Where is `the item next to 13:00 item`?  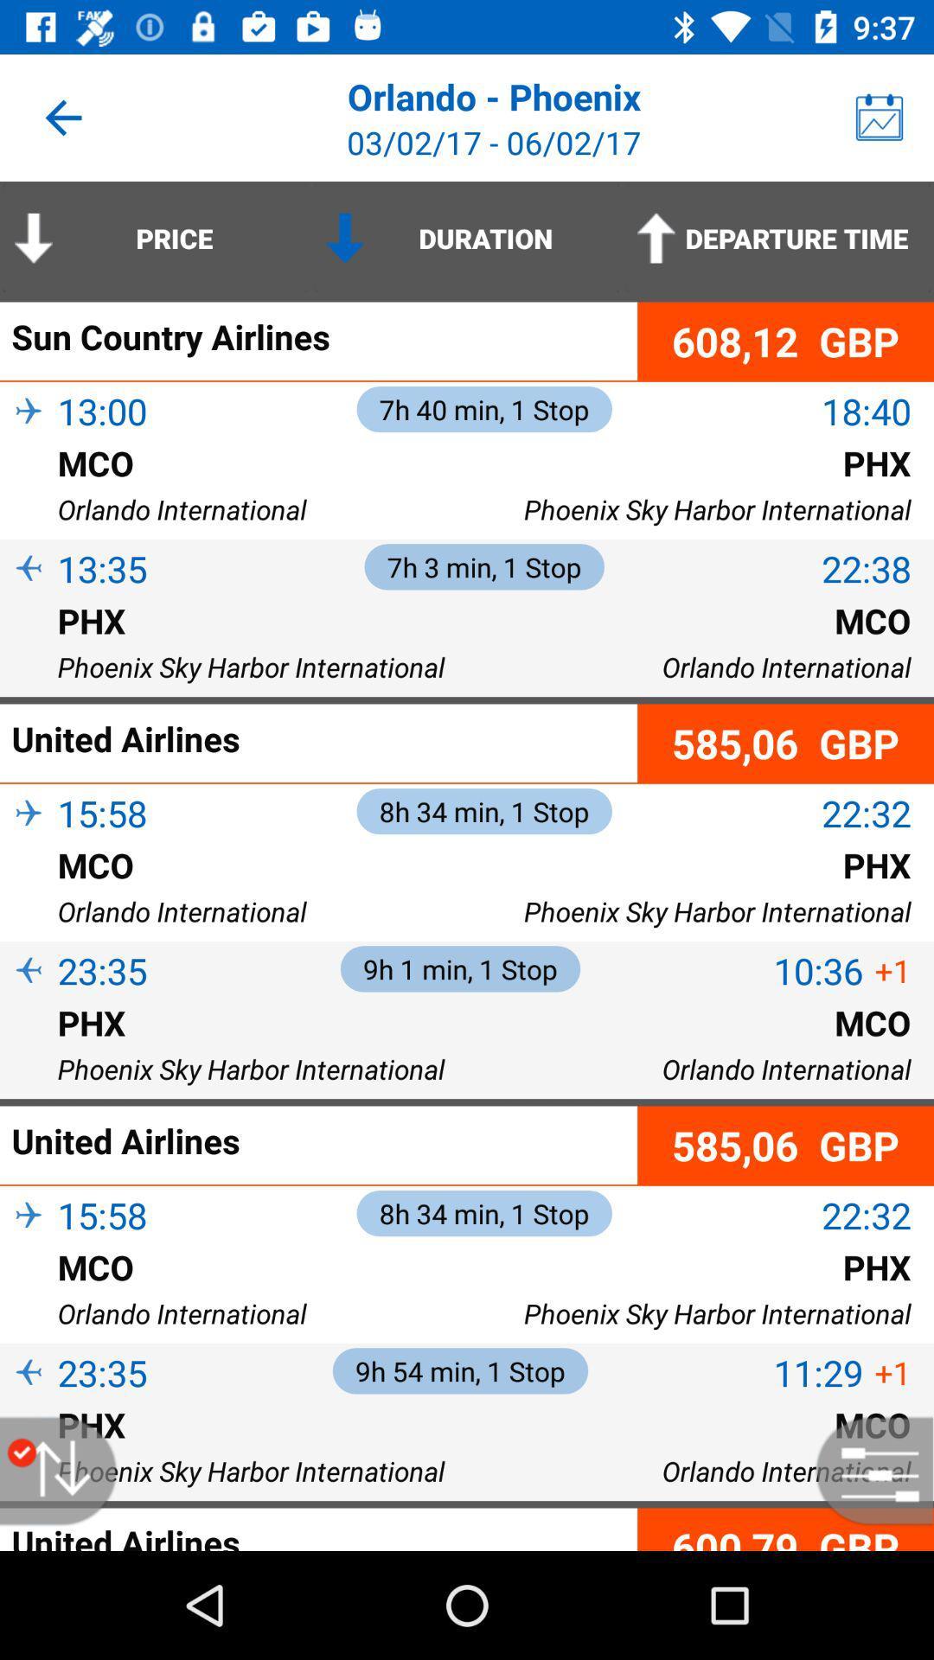
the item next to 13:00 item is located at coordinates (29, 440).